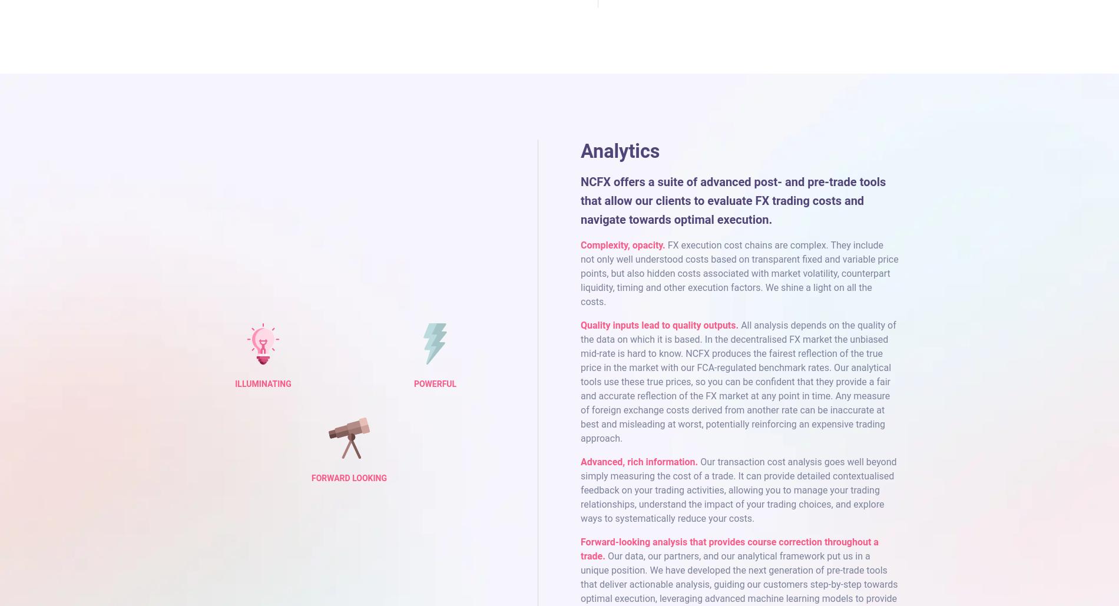 The image size is (1119, 606). Describe the element at coordinates (738, 489) in the screenshot. I see `'Our transaction cost analysis goes well beyond simply measuring the cost of a trade. It can provide detailed contextualised feedback on your trading activities, allowing you to manage your trading relationships, understand the impact of your trading choices, and explore ways to systematically reduce your costs.'` at that location.